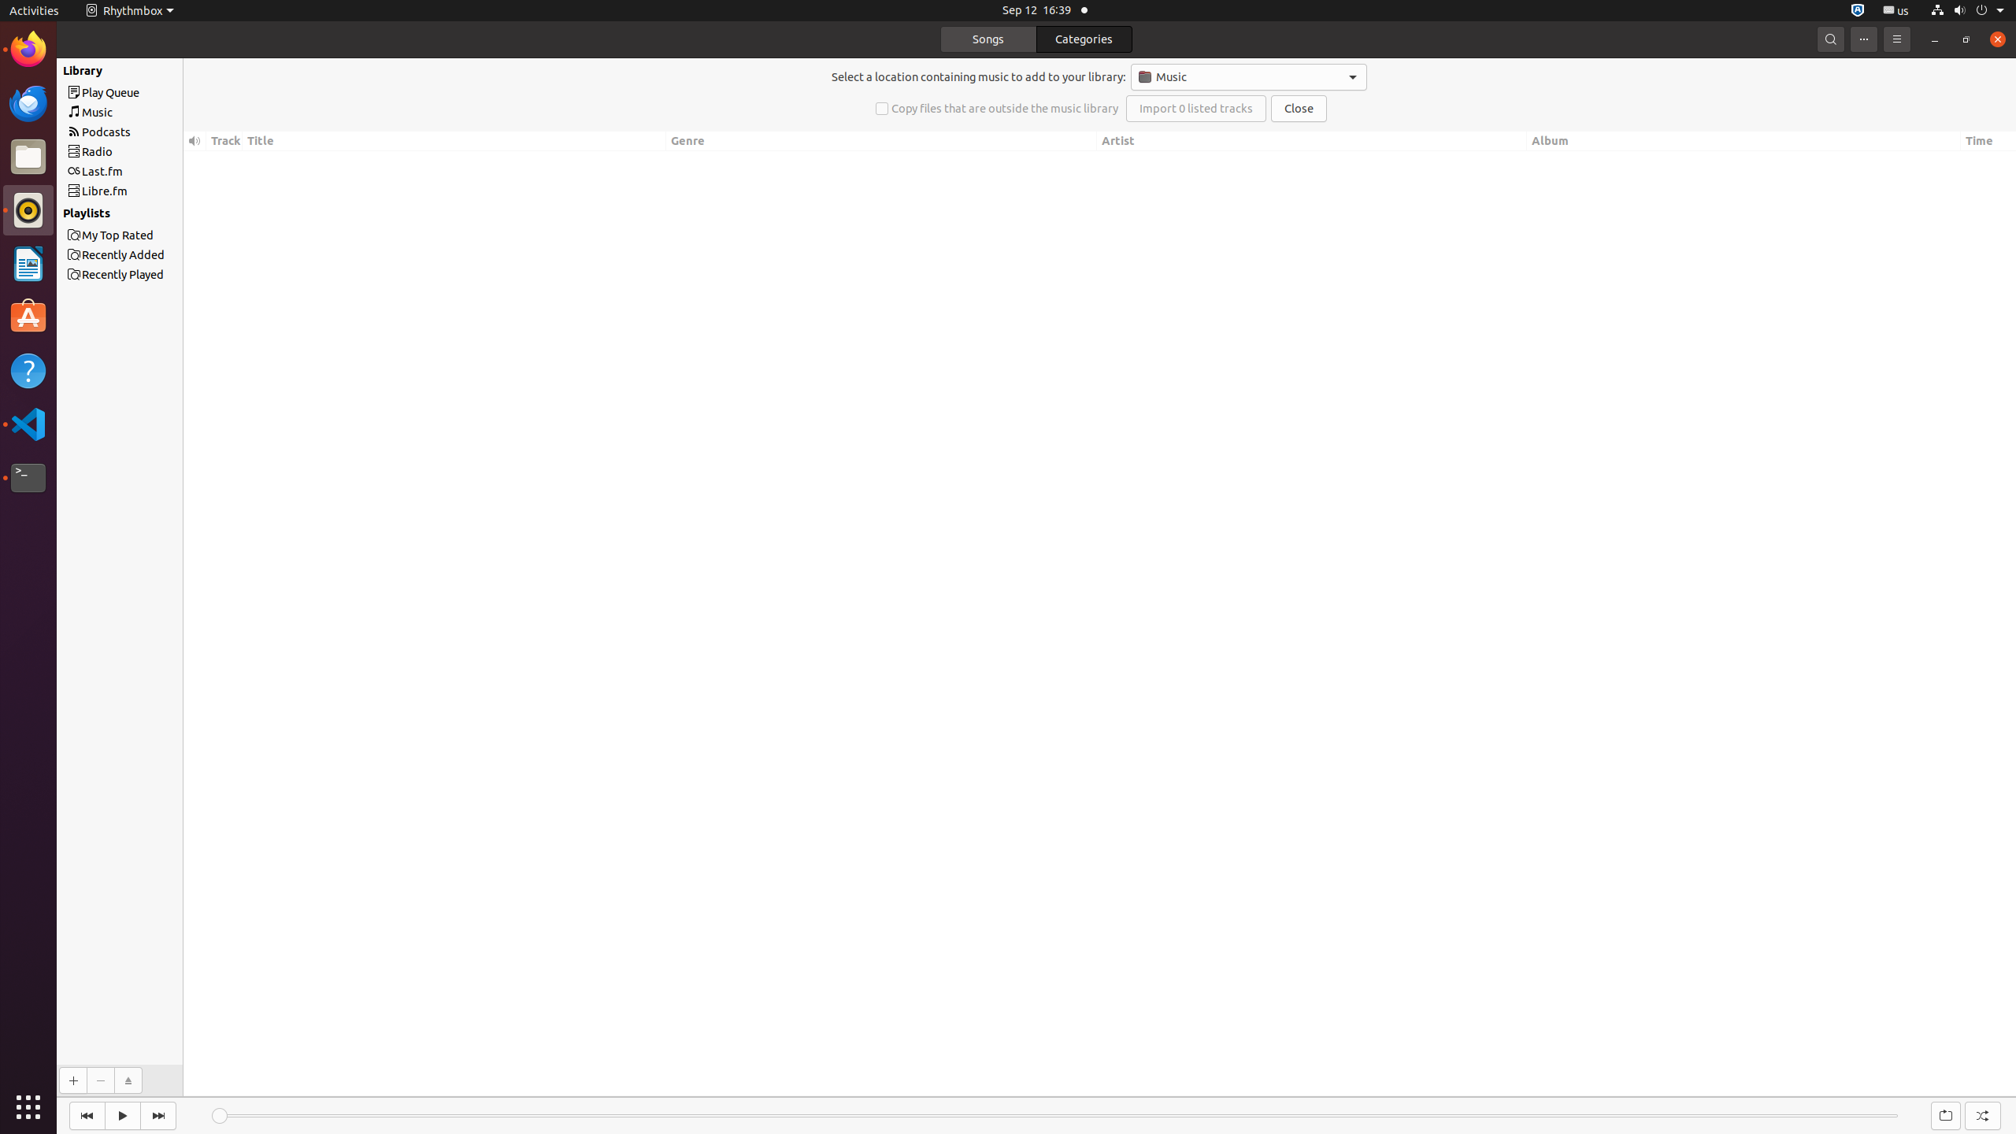  What do you see at coordinates (147, 91) in the screenshot?
I see `'Play Queue'` at bounding box center [147, 91].